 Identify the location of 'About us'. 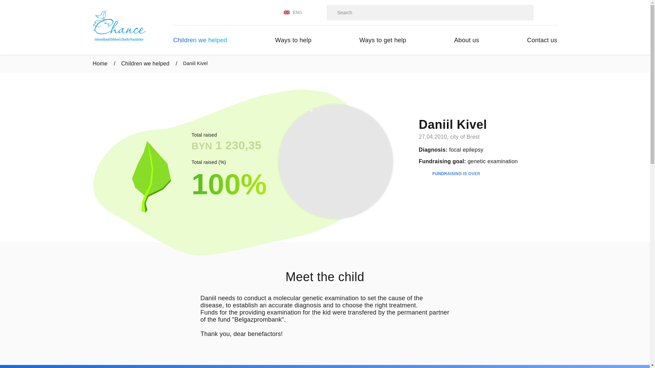
(466, 40).